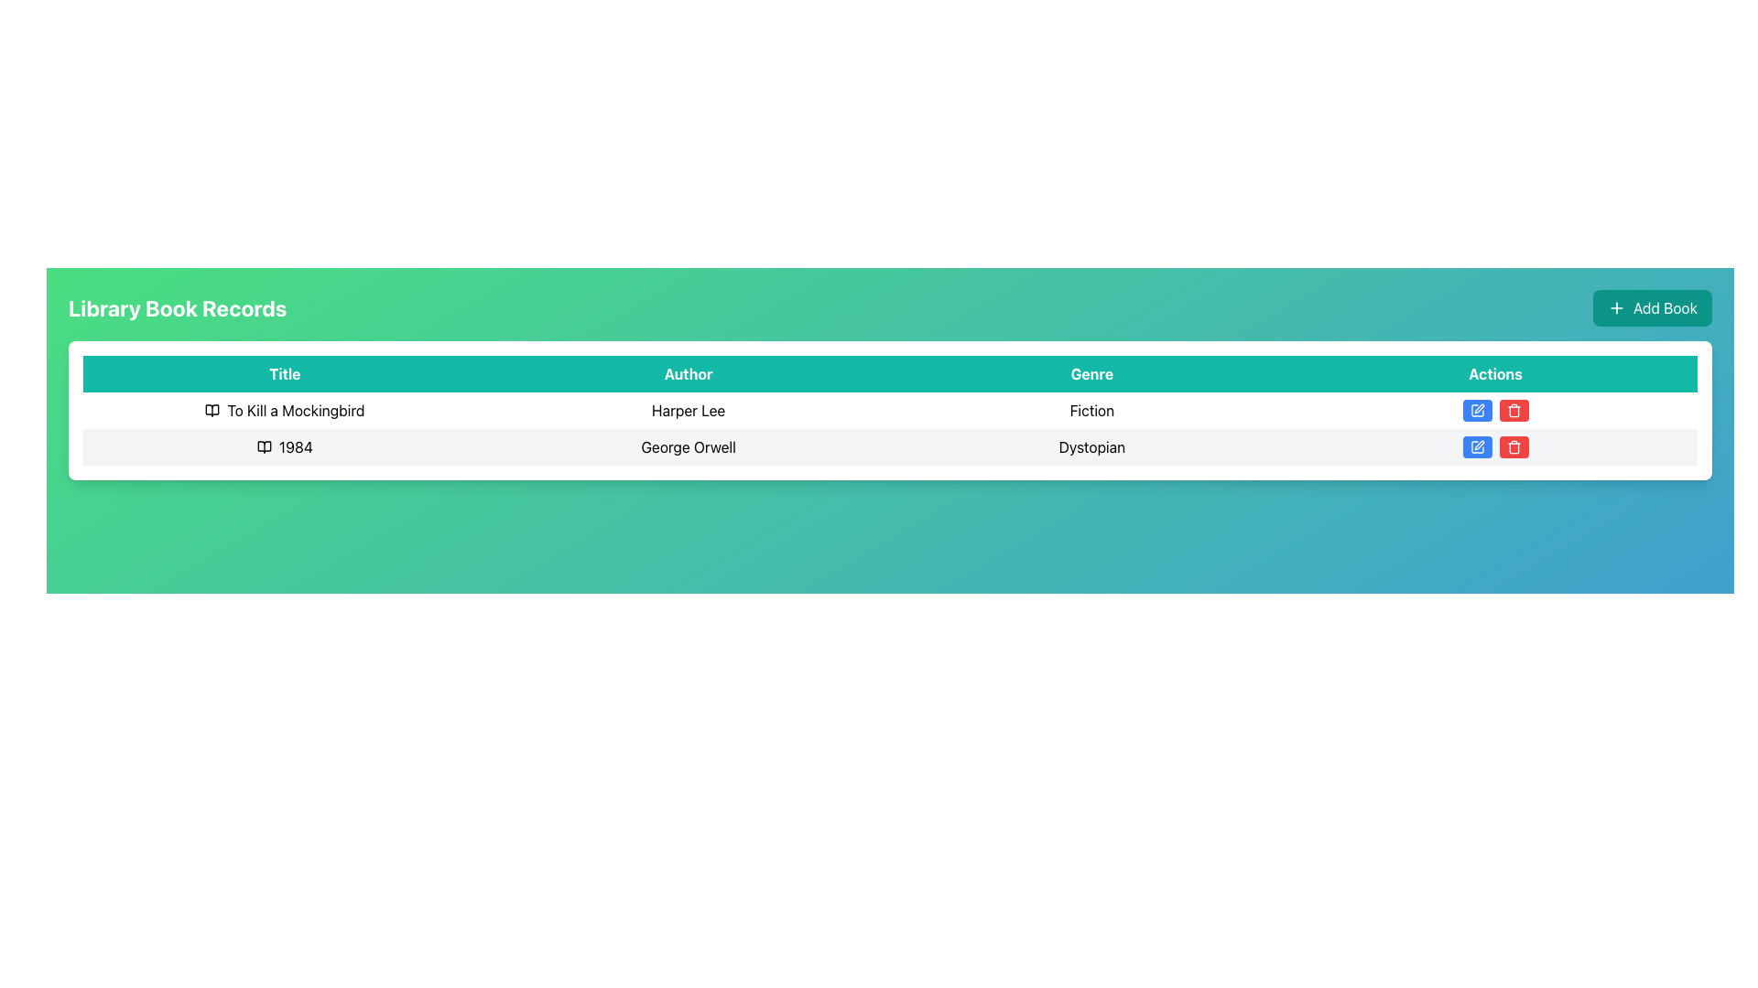 Image resolution: width=1758 pixels, height=988 pixels. What do you see at coordinates (1514, 447) in the screenshot?
I see `the small, rounded red button with a white trash can icon in the 'Actions' column, corresponding to the second row for the book '1984'` at bounding box center [1514, 447].